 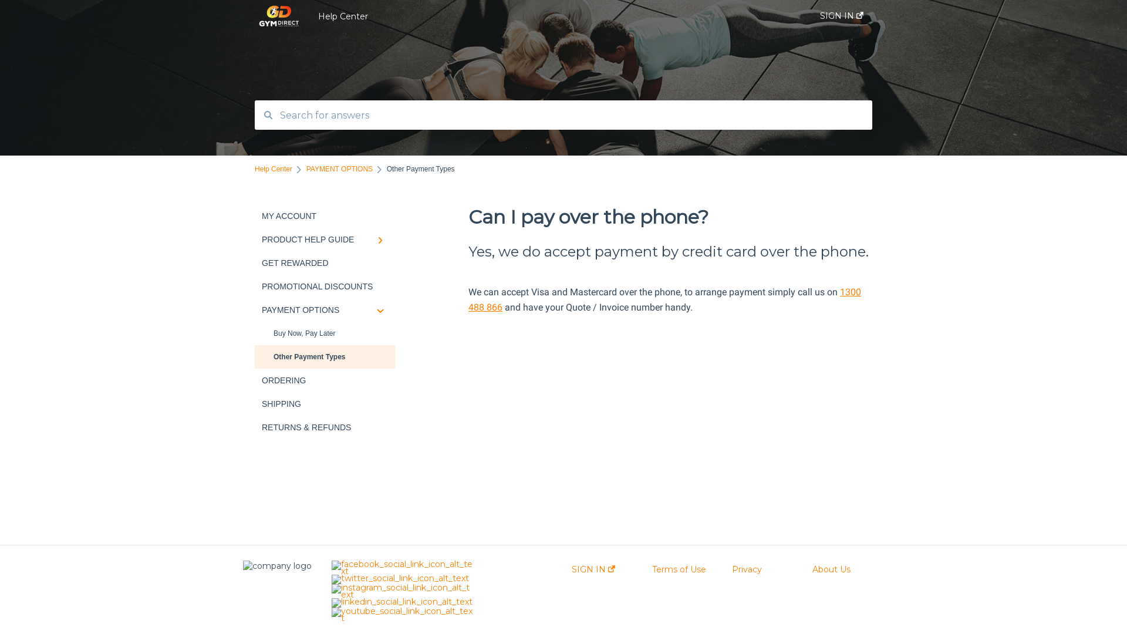 I want to click on 'Terms of Use', so click(x=679, y=568).